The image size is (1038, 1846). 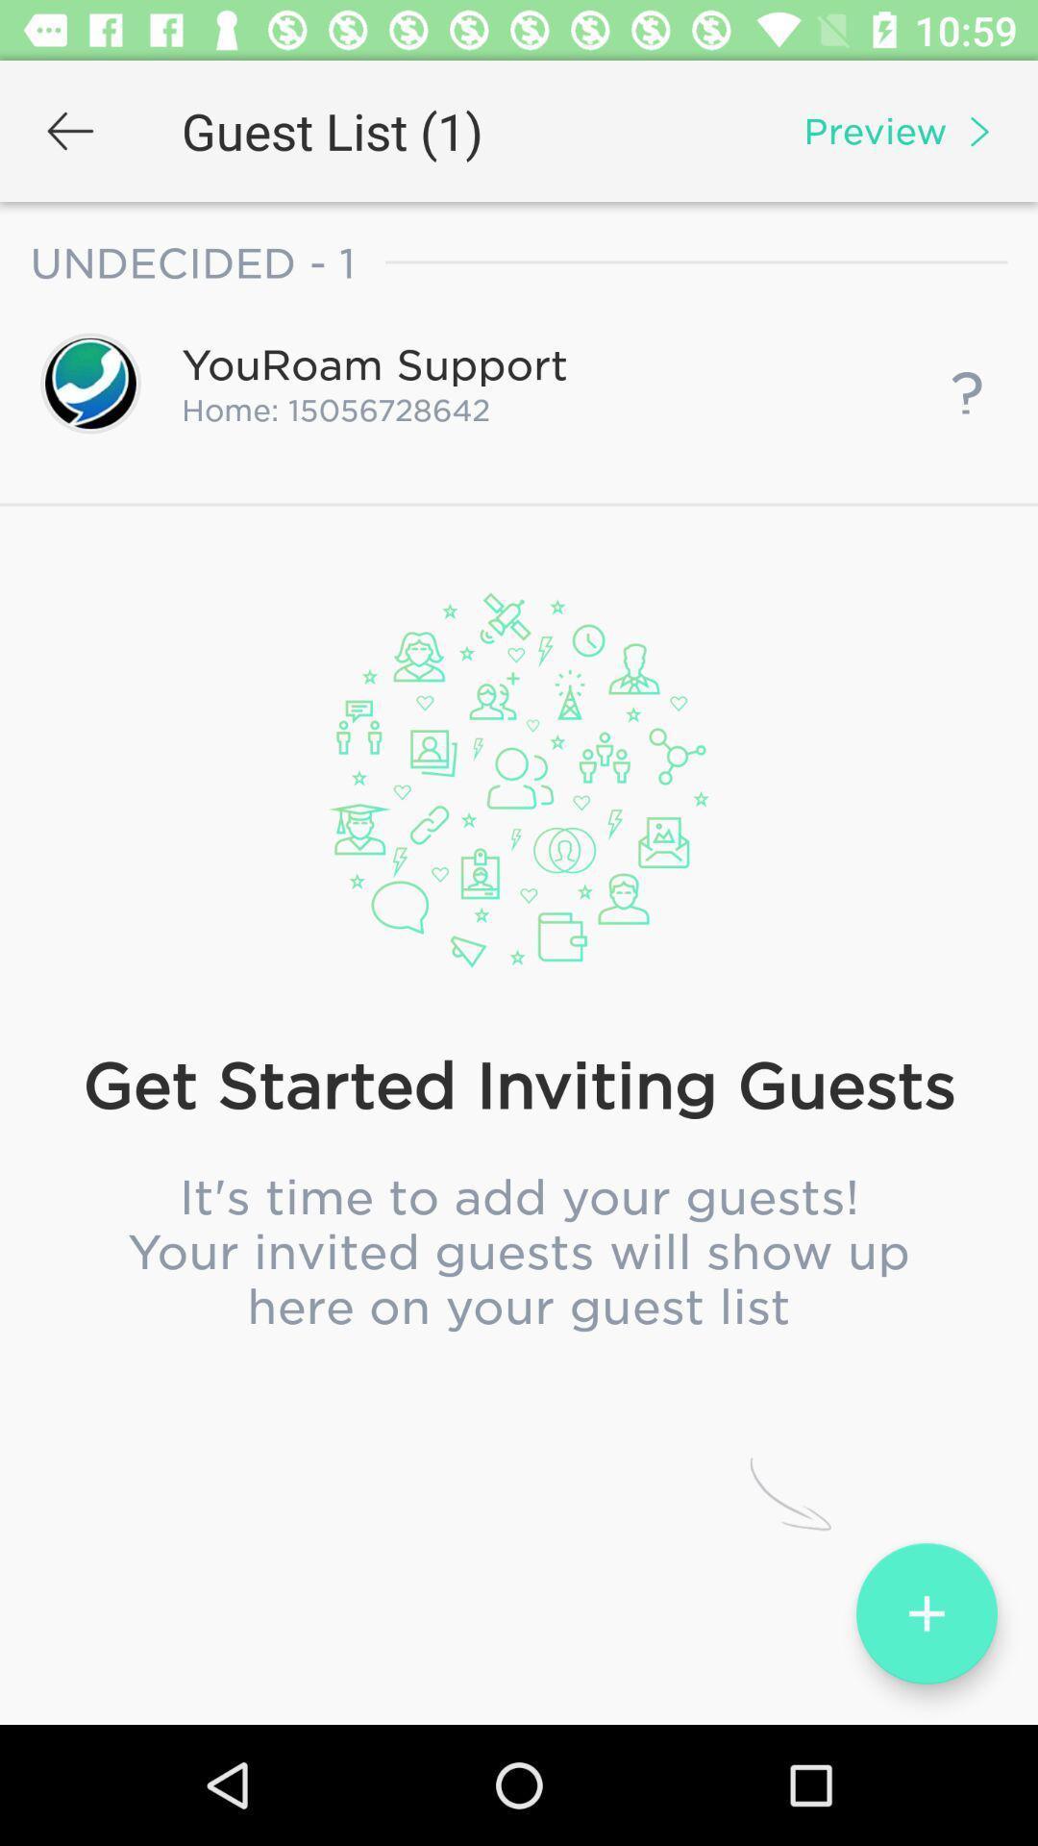 What do you see at coordinates (967, 383) in the screenshot?
I see `?` at bounding box center [967, 383].